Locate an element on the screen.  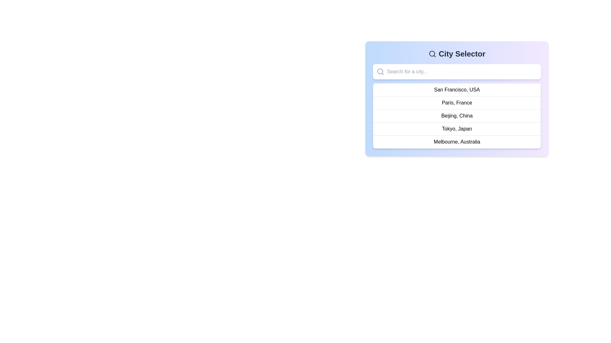
the list item displaying 'Beijing, China', which is the third item in a visible list of five options located directly below the search input field is located at coordinates (456, 119).